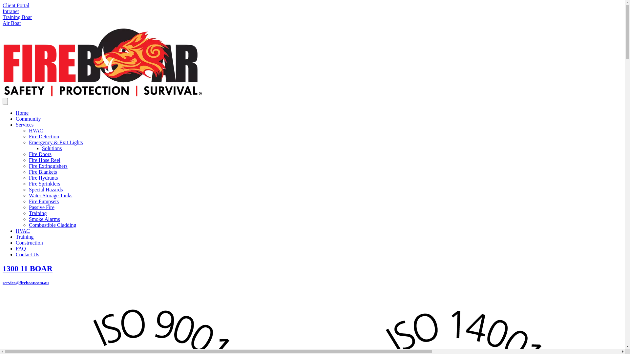  What do you see at coordinates (43, 201) in the screenshot?
I see `'Fire Pumpsets'` at bounding box center [43, 201].